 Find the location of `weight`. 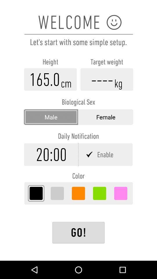

weight is located at coordinates (106, 79).